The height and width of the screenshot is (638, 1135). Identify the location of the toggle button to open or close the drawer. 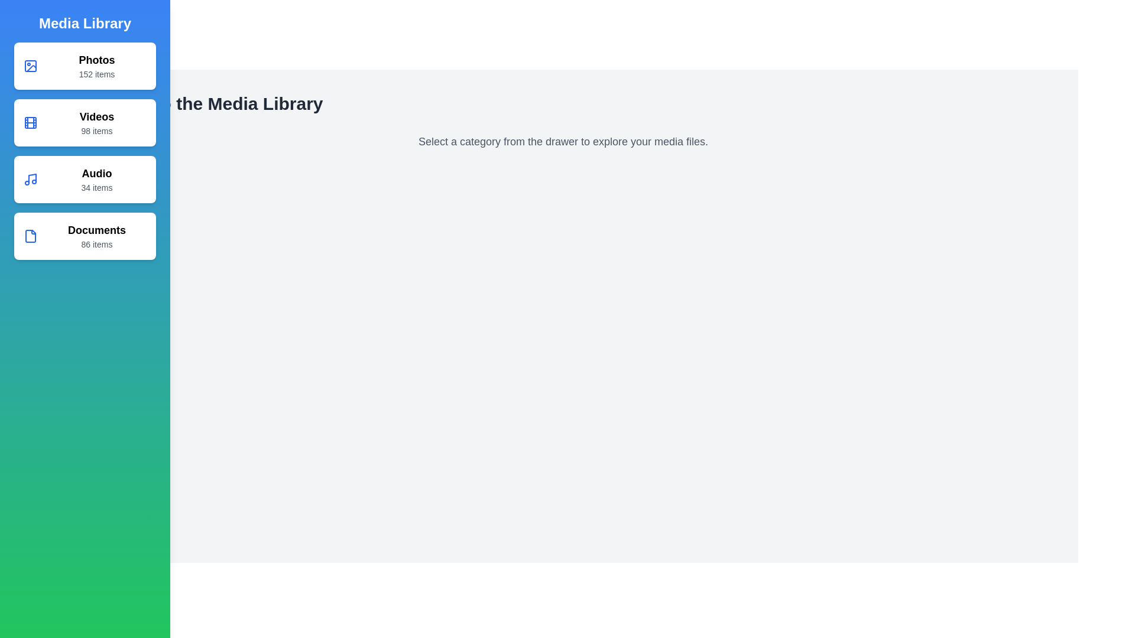
(23, 23).